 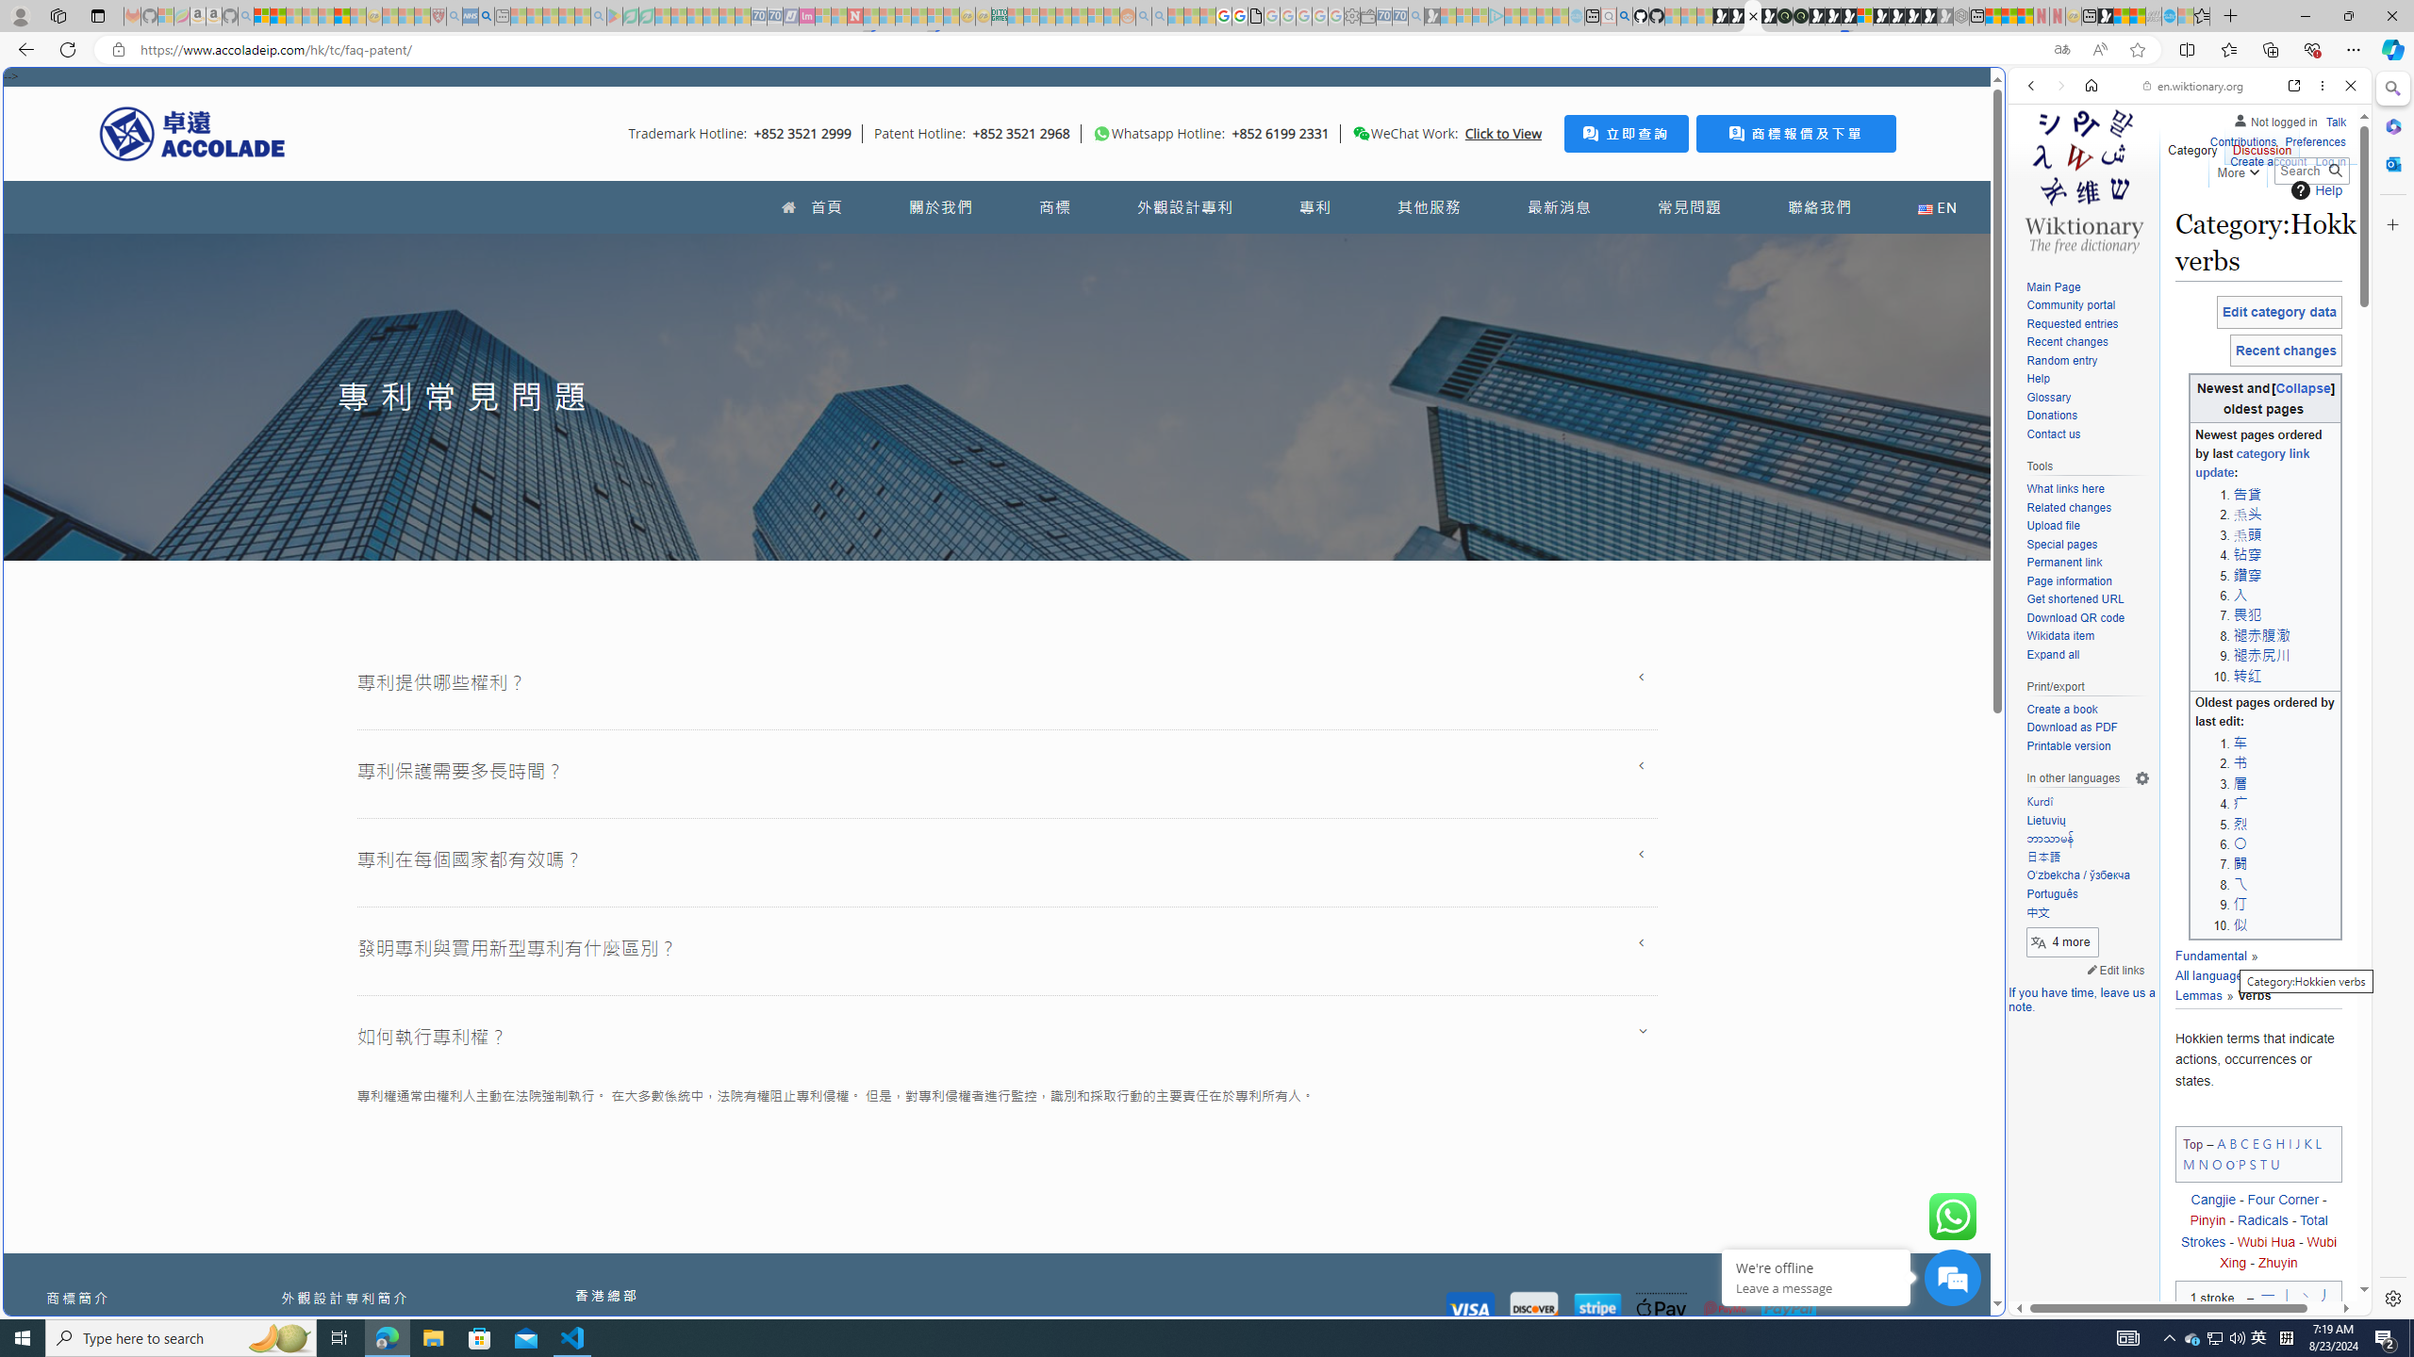 What do you see at coordinates (2060, 544) in the screenshot?
I see `'Special pages'` at bounding box center [2060, 544].